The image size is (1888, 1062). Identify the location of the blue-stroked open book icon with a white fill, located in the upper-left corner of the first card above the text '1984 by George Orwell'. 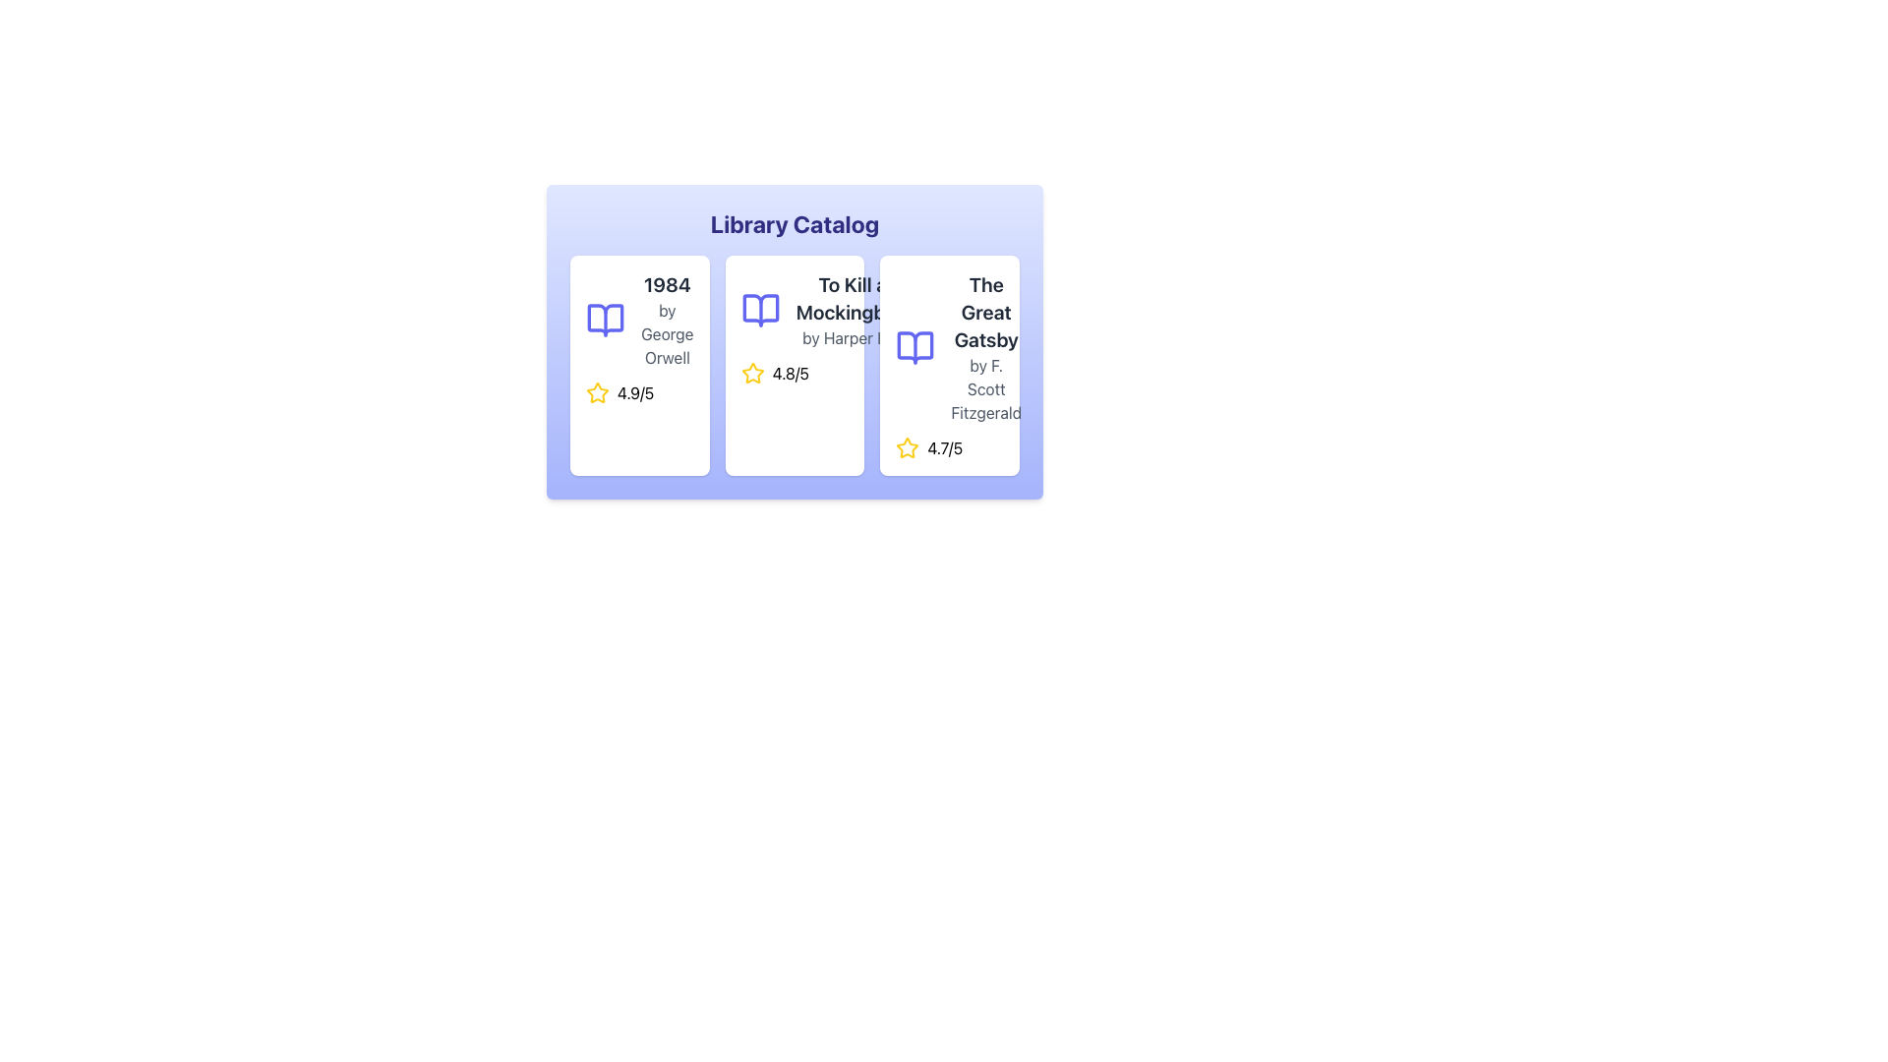
(604, 320).